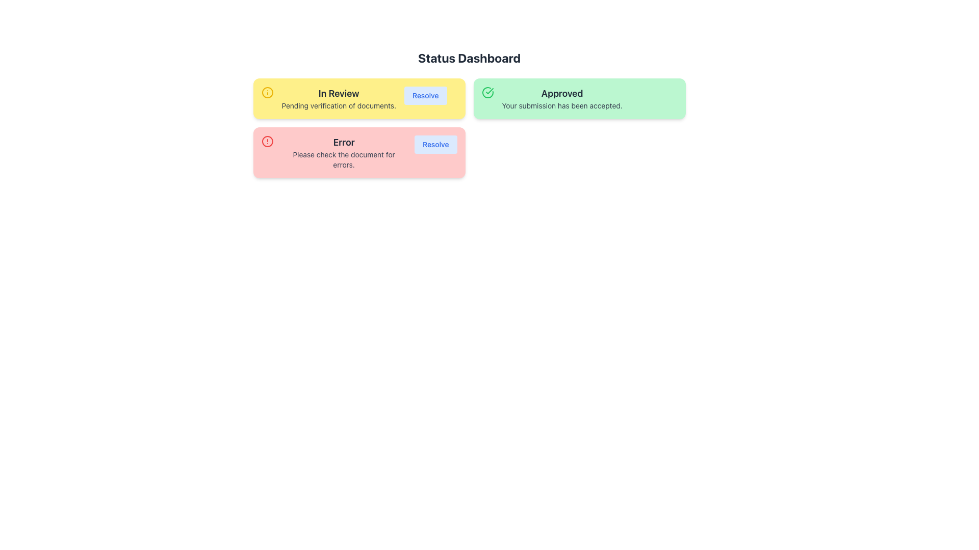 The height and width of the screenshot is (550, 979). Describe the element at coordinates (267, 92) in the screenshot. I see `the outer circular component of the 'In Review' section's SVG icon to interact with the information status it represents` at that location.